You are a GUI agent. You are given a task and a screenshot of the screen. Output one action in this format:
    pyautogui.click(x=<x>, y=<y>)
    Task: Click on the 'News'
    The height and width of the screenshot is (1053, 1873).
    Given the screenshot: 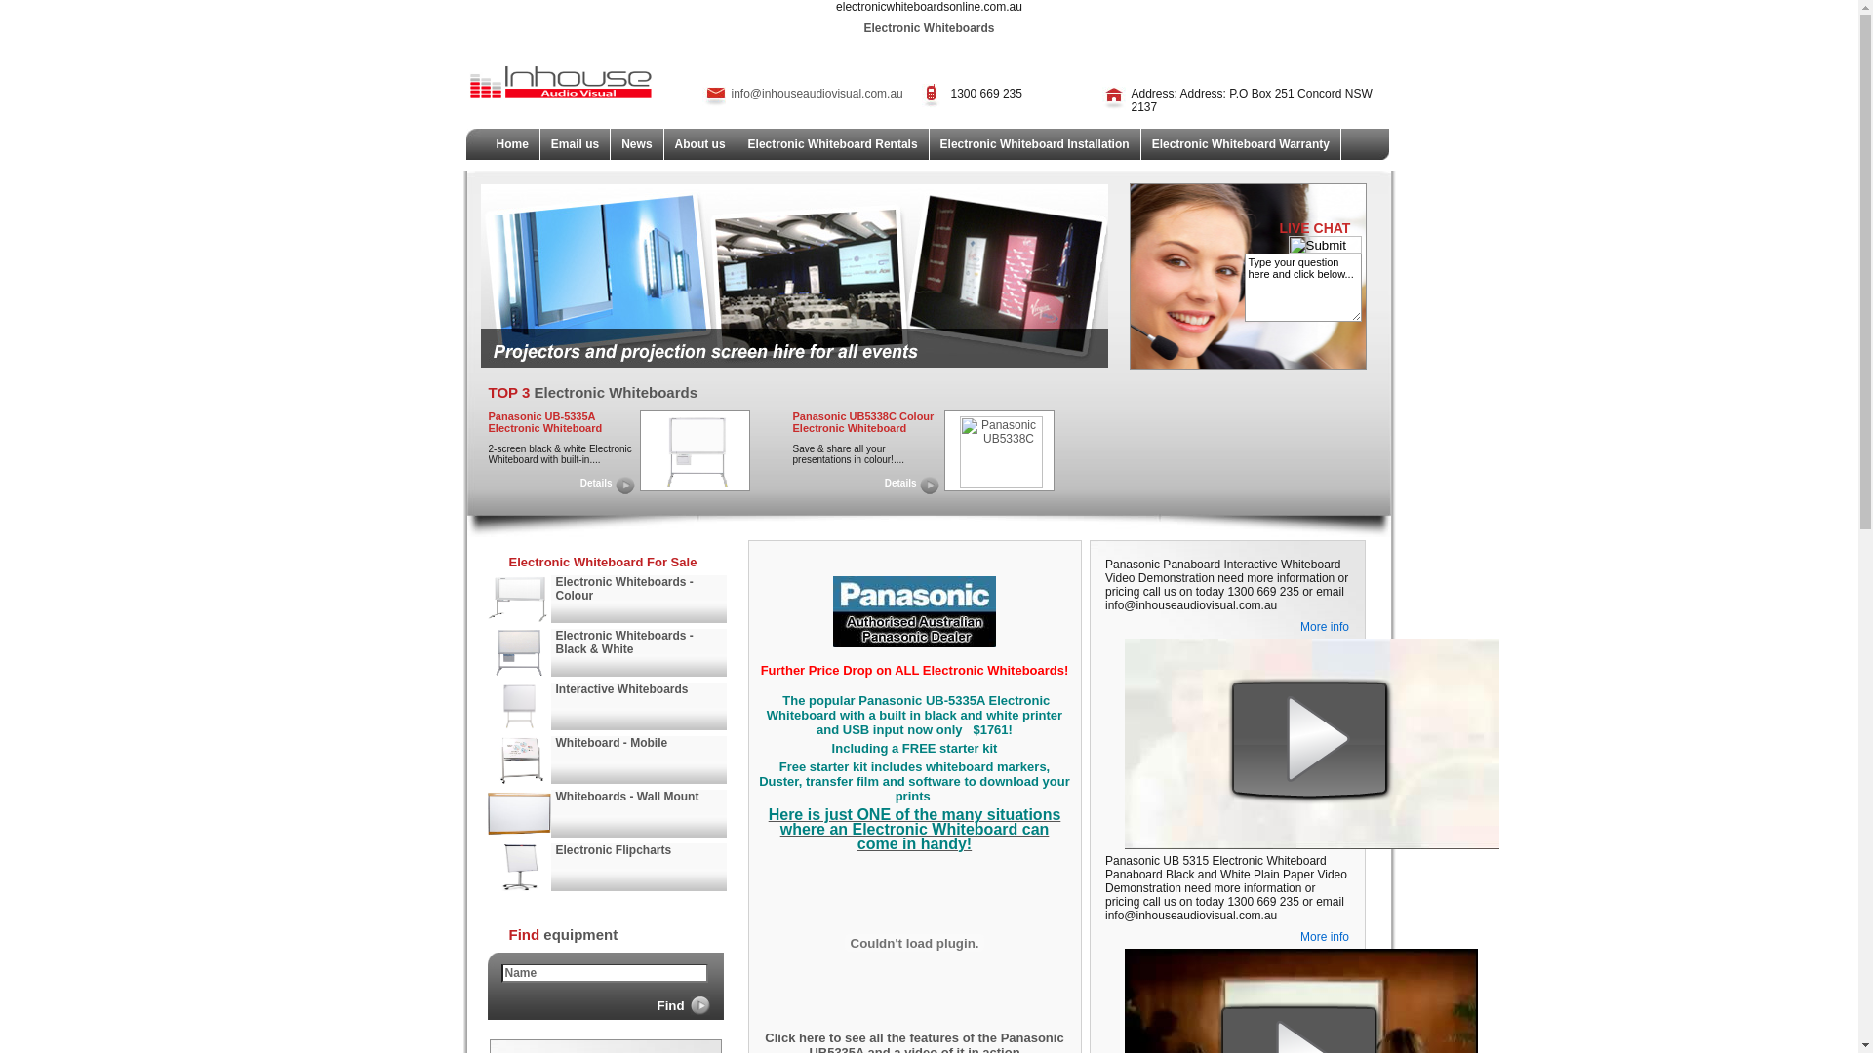 What is the action you would take?
    pyautogui.click(x=636, y=142)
    